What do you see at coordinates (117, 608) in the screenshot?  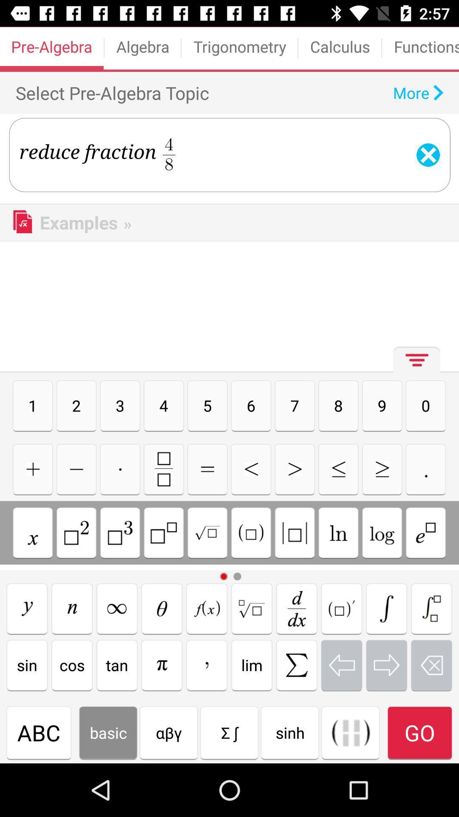 I see `write symbol` at bounding box center [117, 608].